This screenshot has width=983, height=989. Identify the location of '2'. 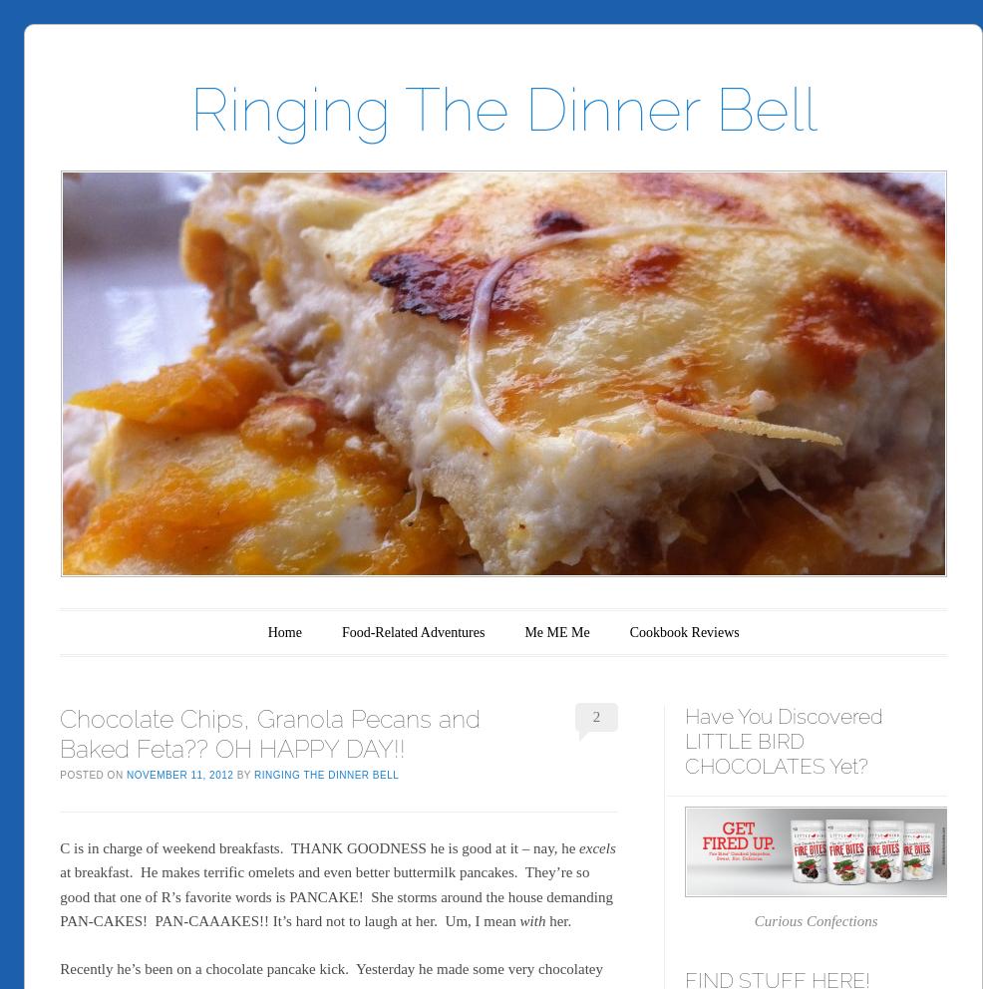
(596, 717).